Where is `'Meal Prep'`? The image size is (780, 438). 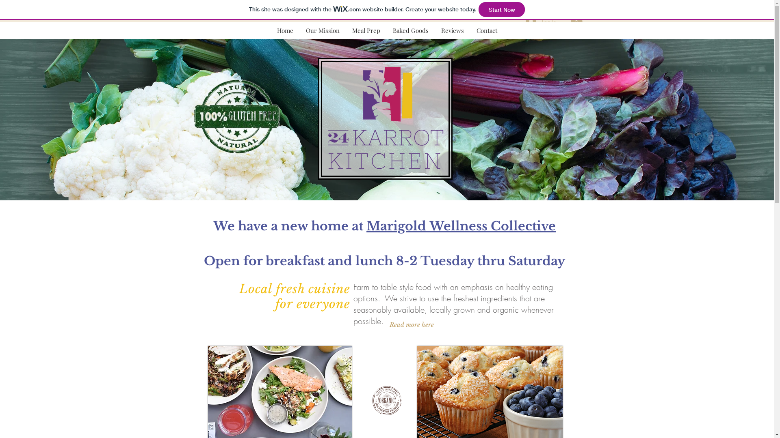 'Meal Prep' is located at coordinates (366, 30).